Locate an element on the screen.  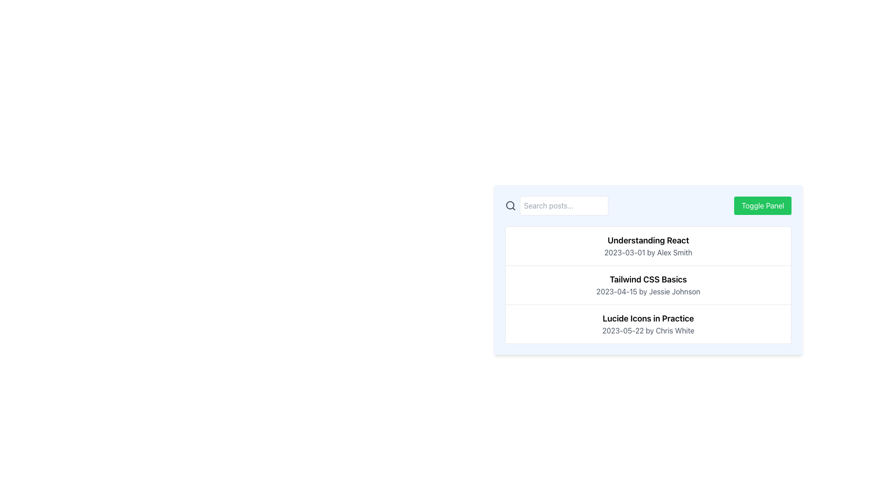
the text label displaying '2023-03-01 by Alex Smith', which is styled in gray and positioned below the title 'Understanding React' is located at coordinates (647, 253).